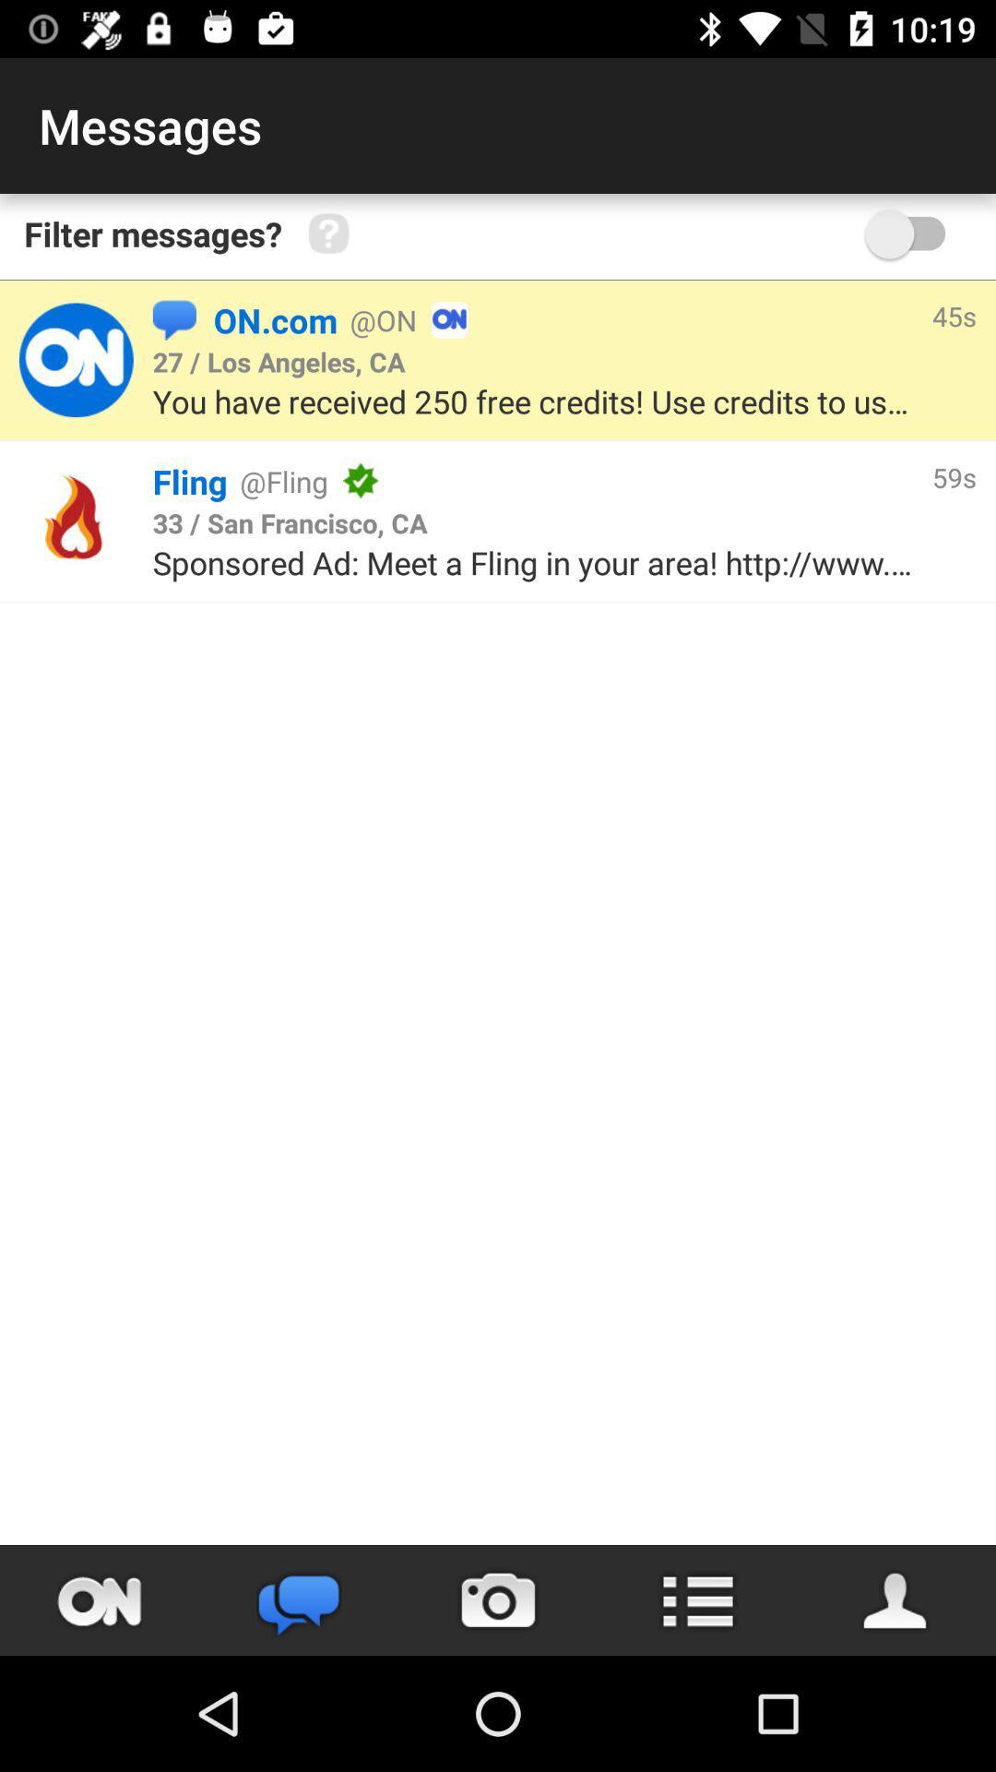 The width and height of the screenshot is (996, 1772). Describe the element at coordinates (75, 360) in the screenshot. I see `the page of on` at that location.